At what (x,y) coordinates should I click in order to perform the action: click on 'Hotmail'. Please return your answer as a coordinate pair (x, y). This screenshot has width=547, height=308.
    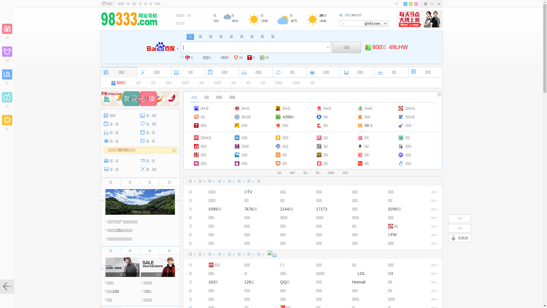
    Looking at the image, I should click on (352, 281).